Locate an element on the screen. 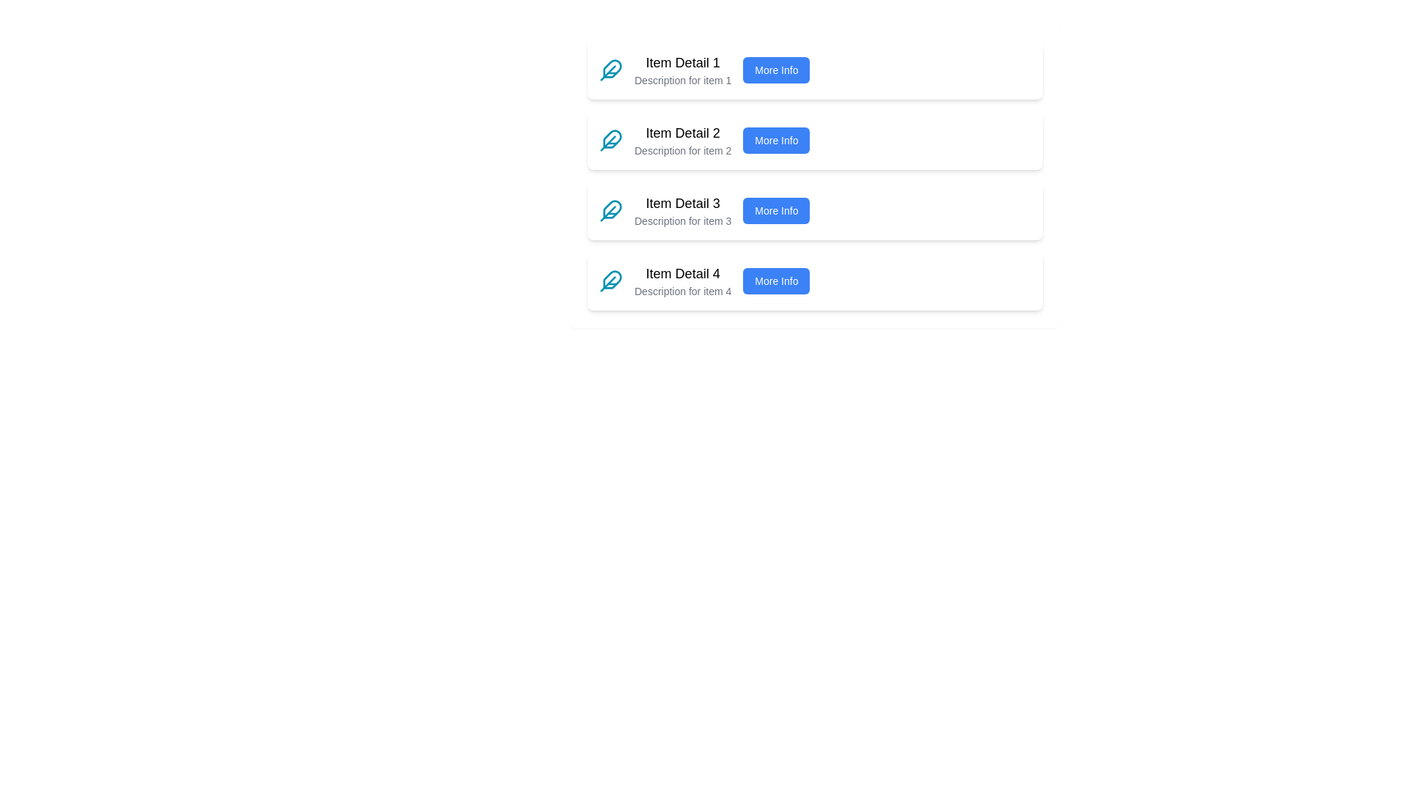  the leftmost feather quill icon in the fourth row of the vertically stacked list associated with 'Item Detail 4' is located at coordinates (612, 279).